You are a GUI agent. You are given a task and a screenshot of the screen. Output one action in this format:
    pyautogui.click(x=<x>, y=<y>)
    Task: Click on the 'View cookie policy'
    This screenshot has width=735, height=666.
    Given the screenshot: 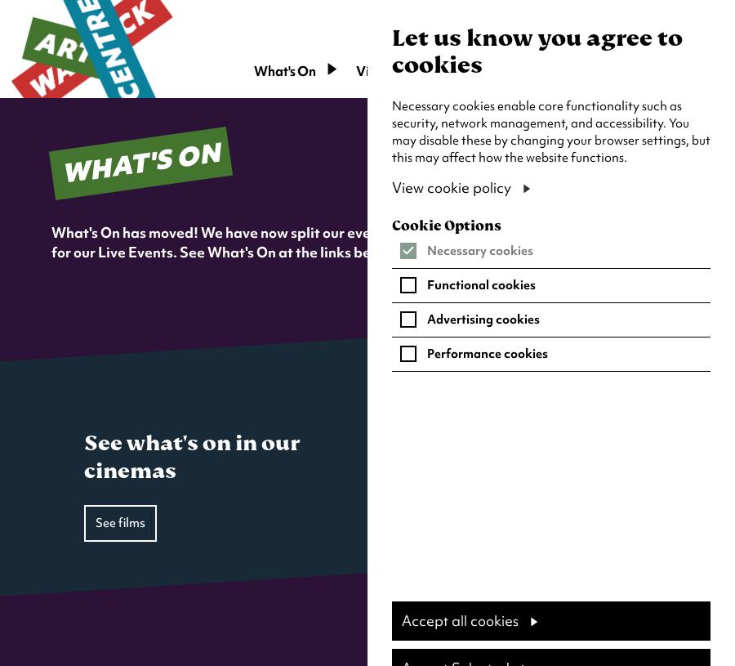 What is the action you would take?
    pyautogui.click(x=450, y=187)
    